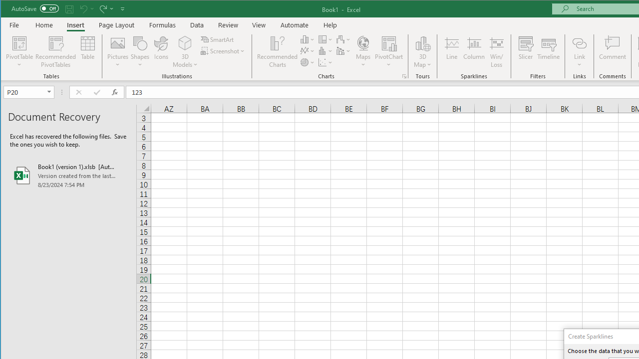 The height and width of the screenshot is (359, 639). Describe the element at coordinates (307, 51) in the screenshot. I see `'Insert Line or Area Chart'` at that location.